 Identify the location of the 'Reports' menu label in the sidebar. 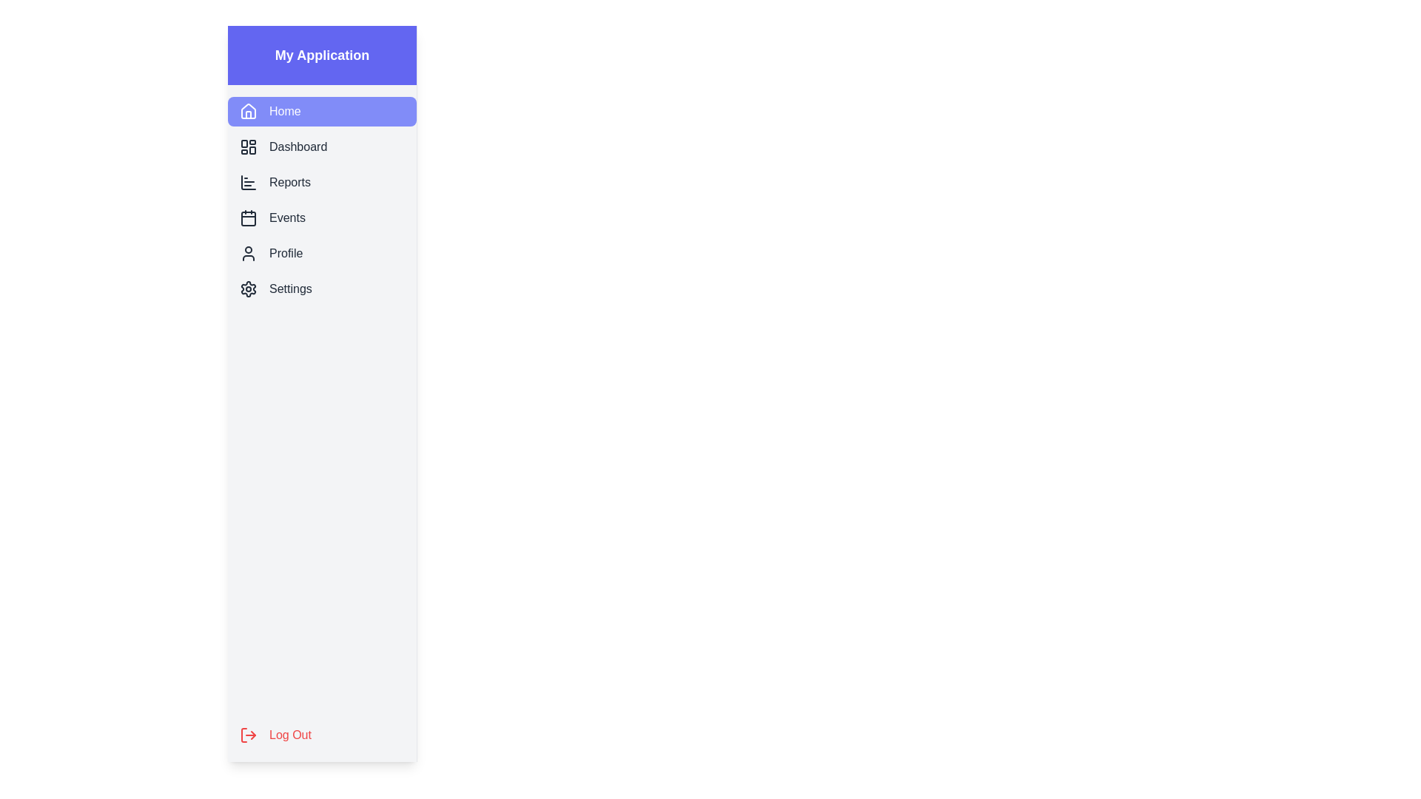
(290, 181).